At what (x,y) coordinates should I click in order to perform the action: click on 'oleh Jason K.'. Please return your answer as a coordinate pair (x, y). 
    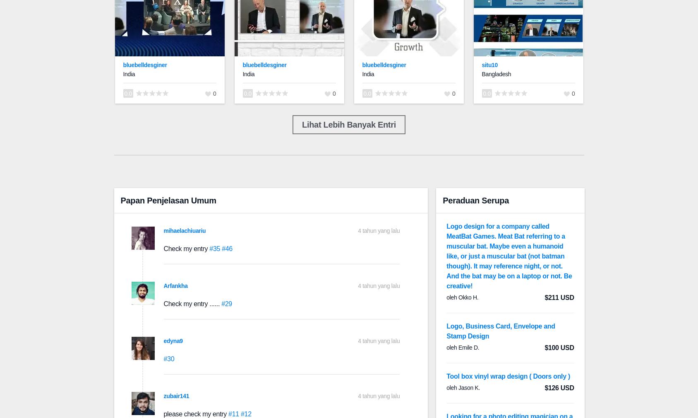
    Looking at the image, I should click on (463, 388).